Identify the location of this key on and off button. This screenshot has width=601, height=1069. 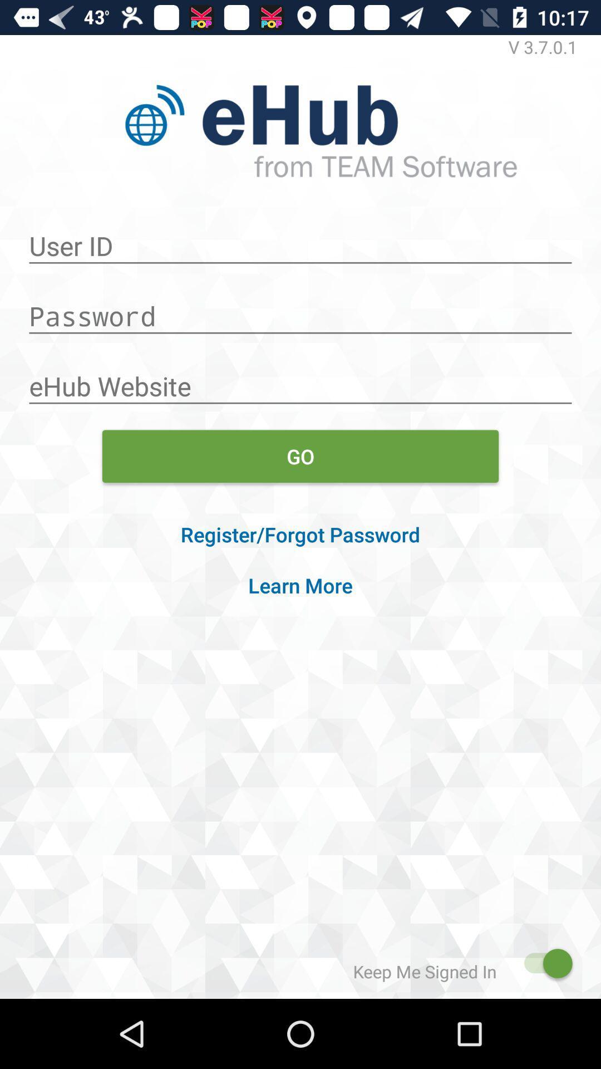
(542, 963).